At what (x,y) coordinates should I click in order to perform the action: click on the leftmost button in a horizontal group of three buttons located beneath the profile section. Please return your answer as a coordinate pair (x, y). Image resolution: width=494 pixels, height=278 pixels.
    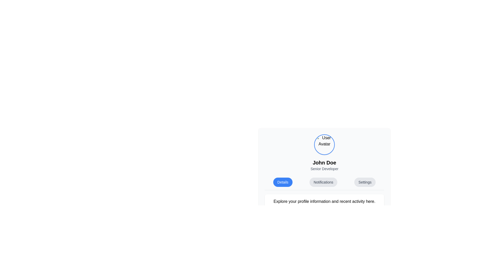
    Looking at the image, I should click on (283, 182).